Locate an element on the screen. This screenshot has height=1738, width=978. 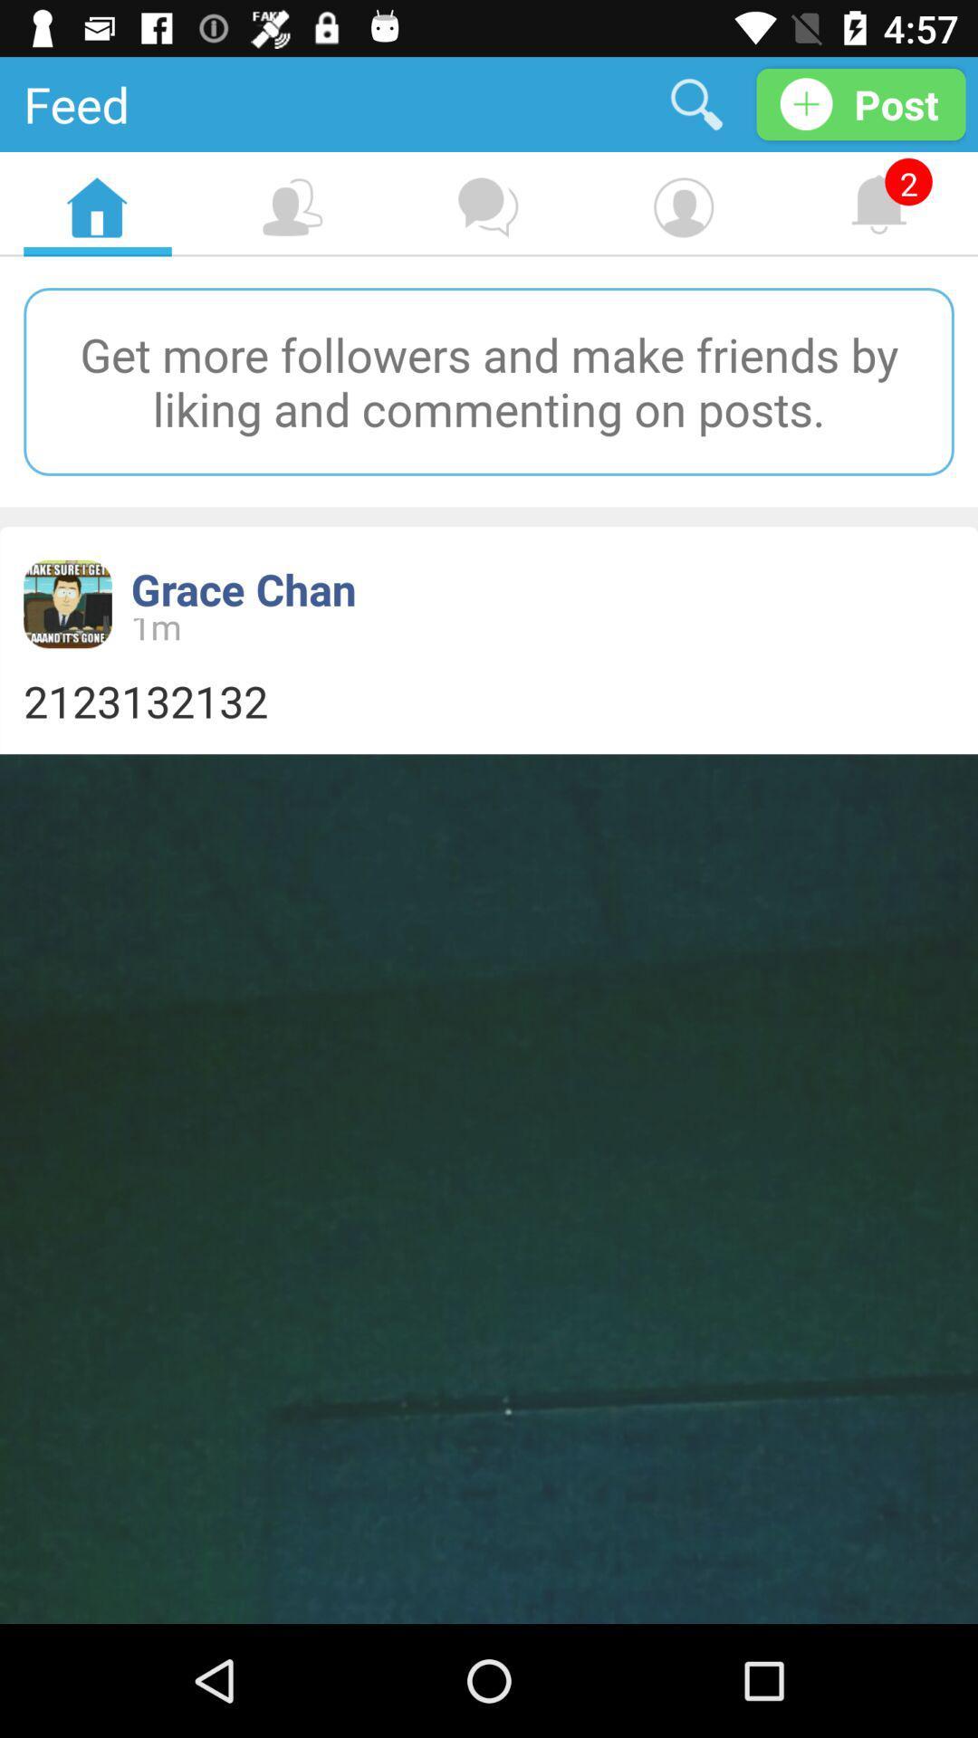
2123132132 item is located at coordinates (489, 700).